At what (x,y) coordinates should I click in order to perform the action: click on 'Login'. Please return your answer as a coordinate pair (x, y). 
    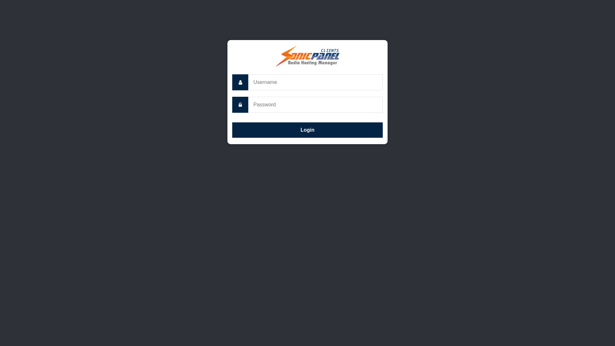
    Looking at the image, I should click on (307, 130).